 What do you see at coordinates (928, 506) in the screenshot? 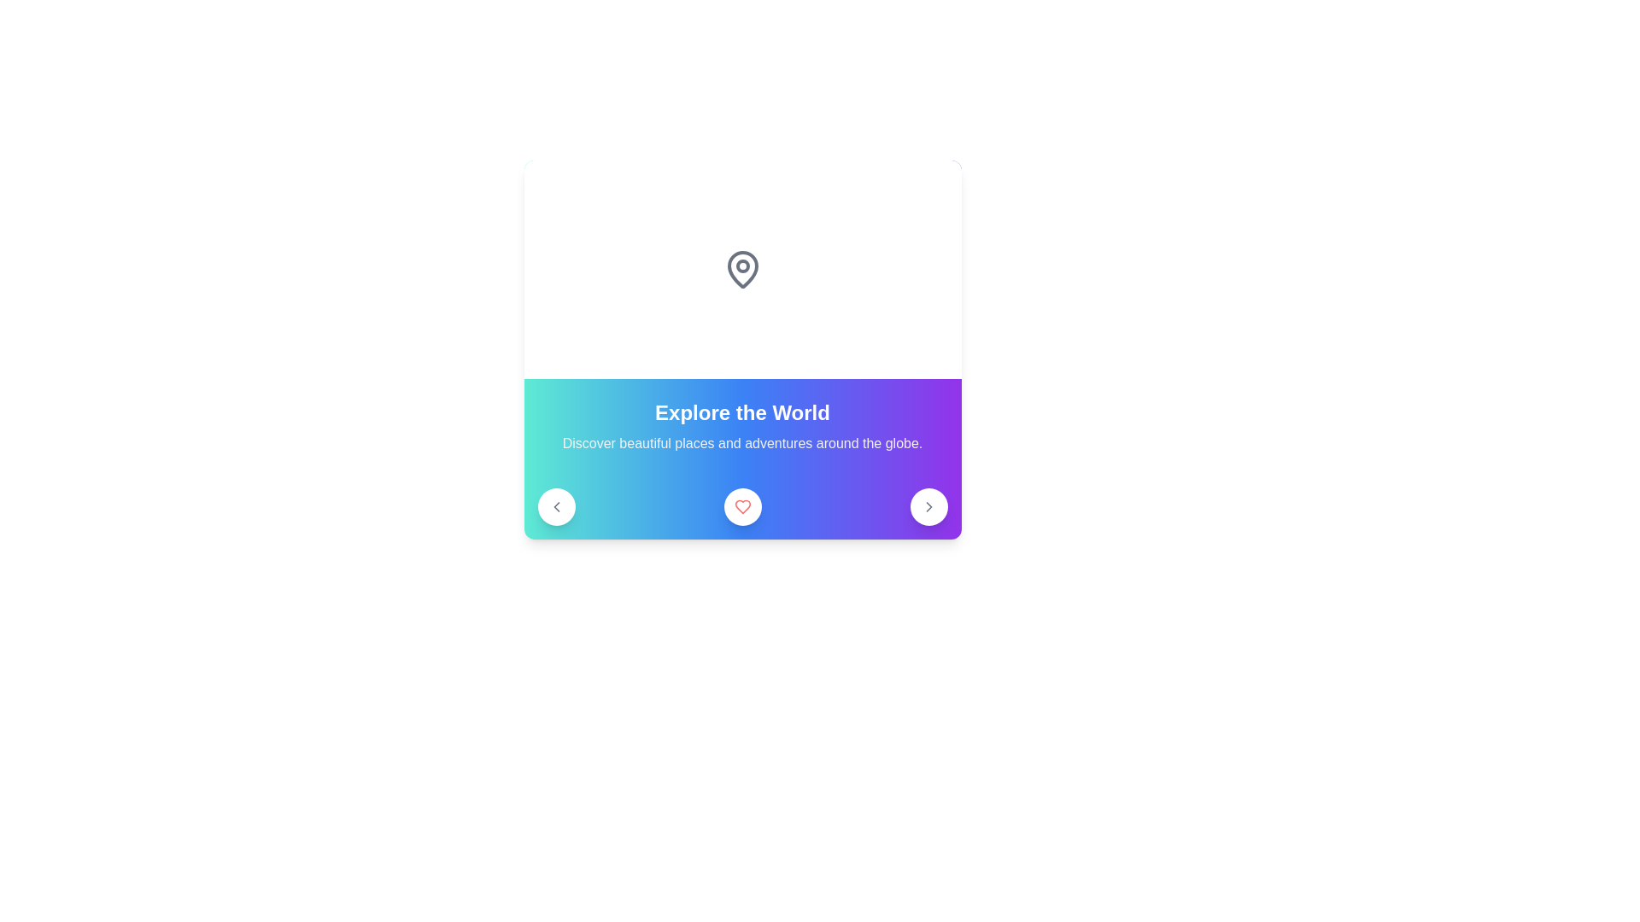
I see `the circular button with a white background and a rightward-pointing chevron icon, located at the far right end of the row beneath the label 'Explore the World'` at bounding box center [928, 506].